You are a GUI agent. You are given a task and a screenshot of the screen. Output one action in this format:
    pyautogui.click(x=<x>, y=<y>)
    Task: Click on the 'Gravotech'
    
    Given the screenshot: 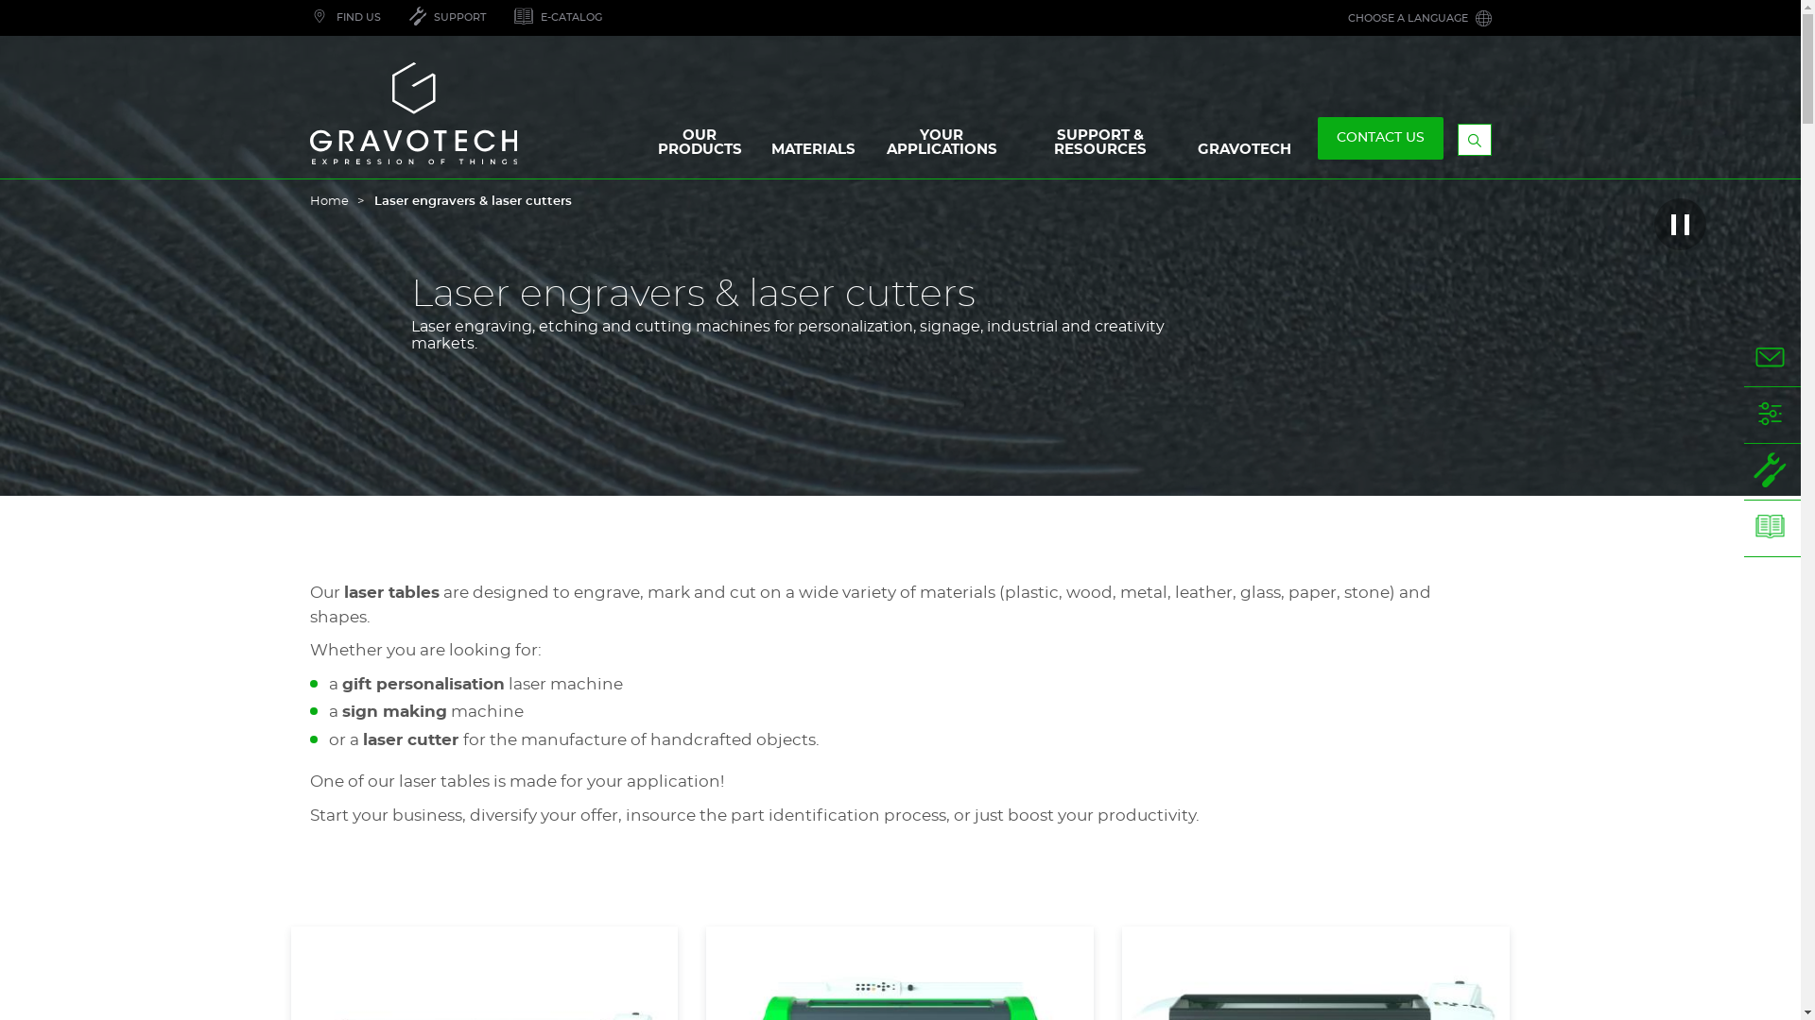 What is the action you would take?
    pyautogui.click(x=309, y=112)
    